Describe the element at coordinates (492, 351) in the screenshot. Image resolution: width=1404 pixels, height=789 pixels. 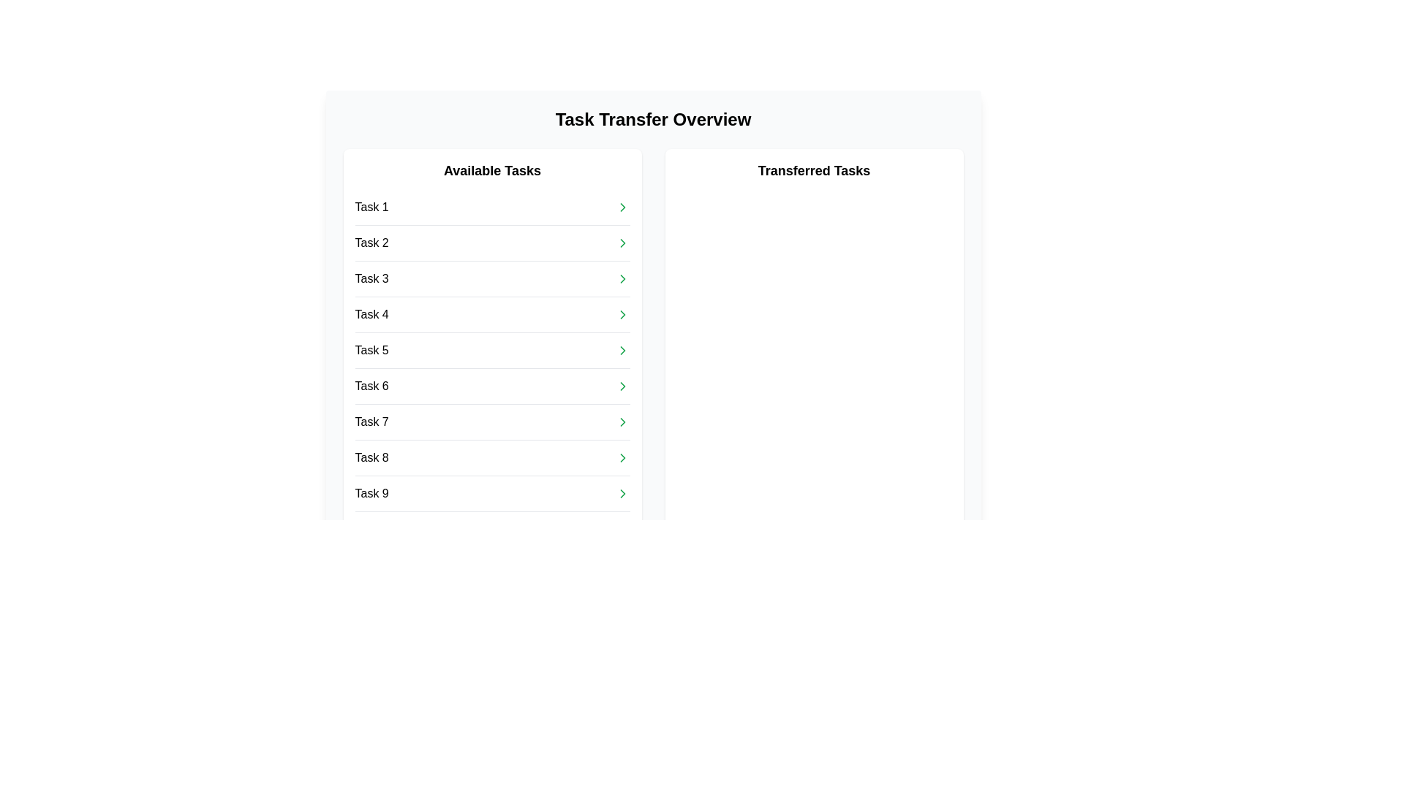
I see `the list item labeled 'Task 5' in the 'Available Tasks' section` at that location.